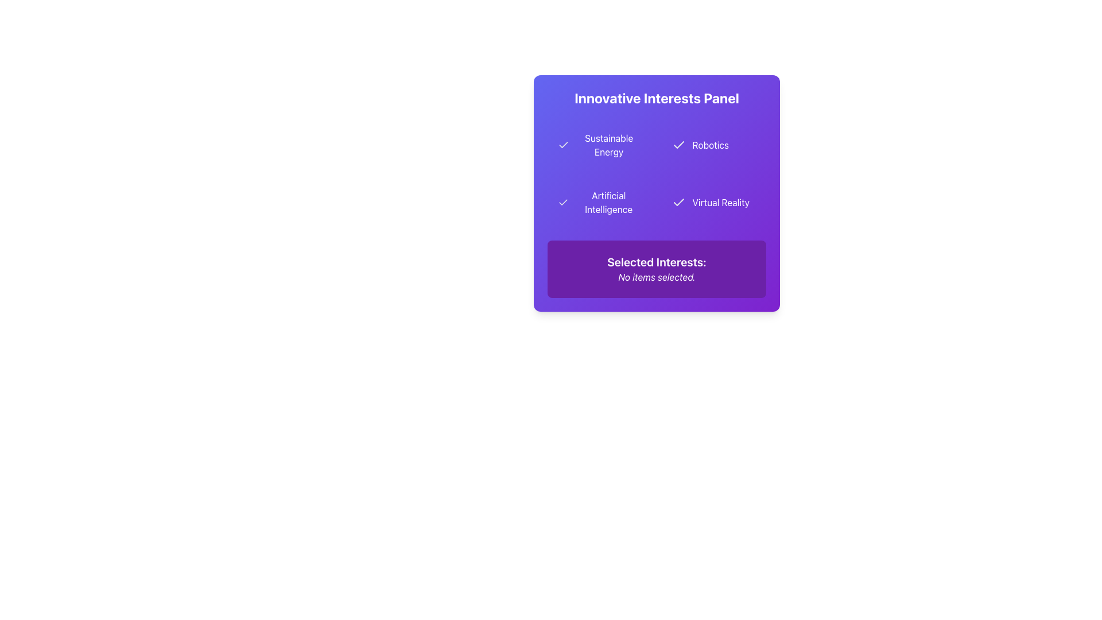 The width and height of the screenshot is (1102, 620). What do you see at coordinates (657, 269) in the screenshot?
I see `the purple rectangular static informational panel that displays 'Selected Interests:' and 'No items selected.'` at bounding box center [657, 269].